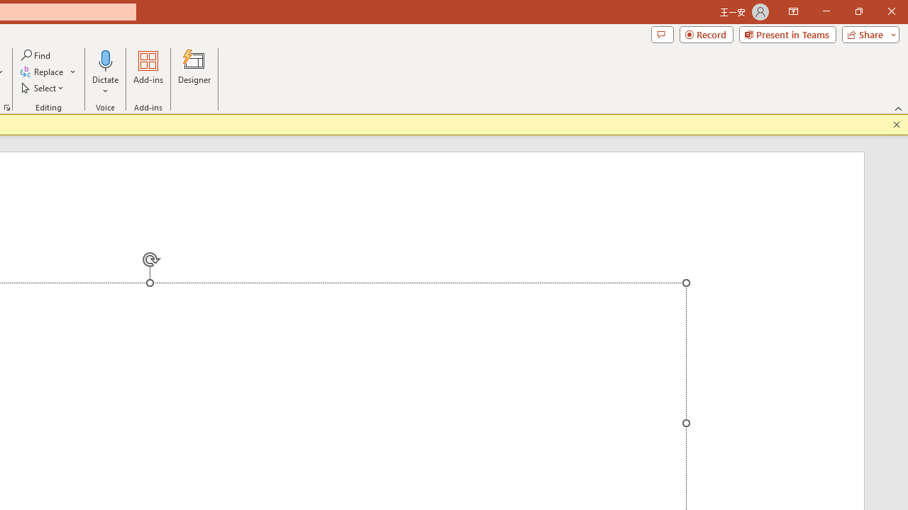 This screenshot has height=510, width=908. I want to click on 'More Options', so click(105, 86).